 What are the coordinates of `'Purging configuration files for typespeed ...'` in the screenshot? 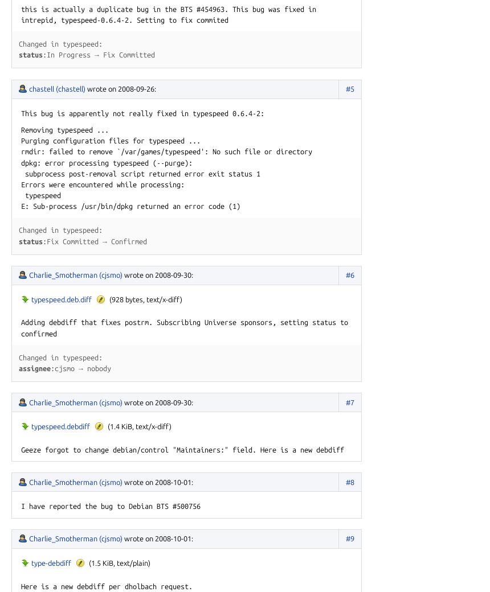 It's located at (110, 141).